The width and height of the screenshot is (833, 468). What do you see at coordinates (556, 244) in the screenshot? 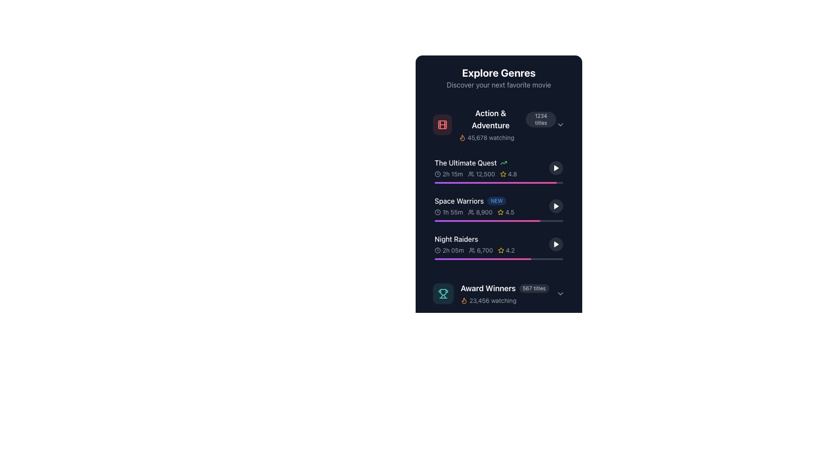
I see `the circular play button with a triangular play icon in the 'Night Raiders' movie entry located at the far-right of the 'Explore Genres' section` at bounding box center [556, 244].